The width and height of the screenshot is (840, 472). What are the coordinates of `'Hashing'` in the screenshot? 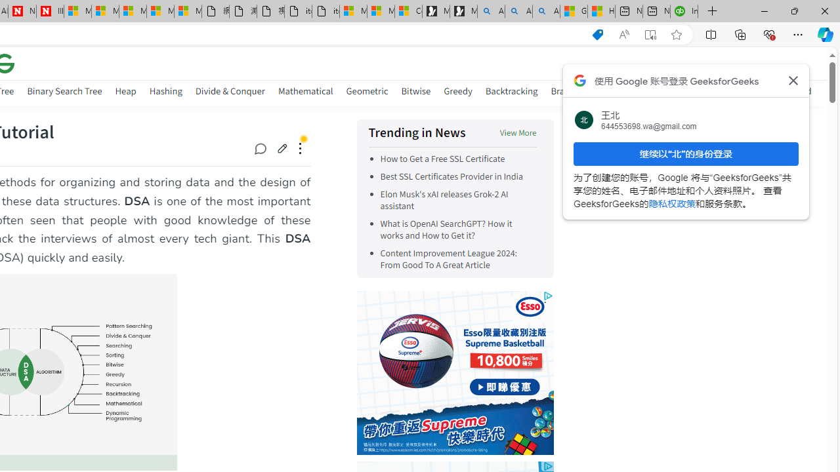 It's located at (165, 92).